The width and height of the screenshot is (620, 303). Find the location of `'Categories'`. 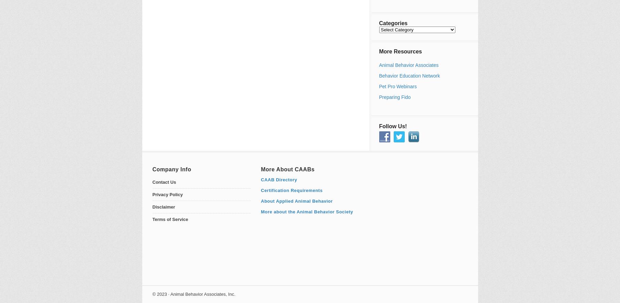

'Categories' is located at coordinates (393, 23).